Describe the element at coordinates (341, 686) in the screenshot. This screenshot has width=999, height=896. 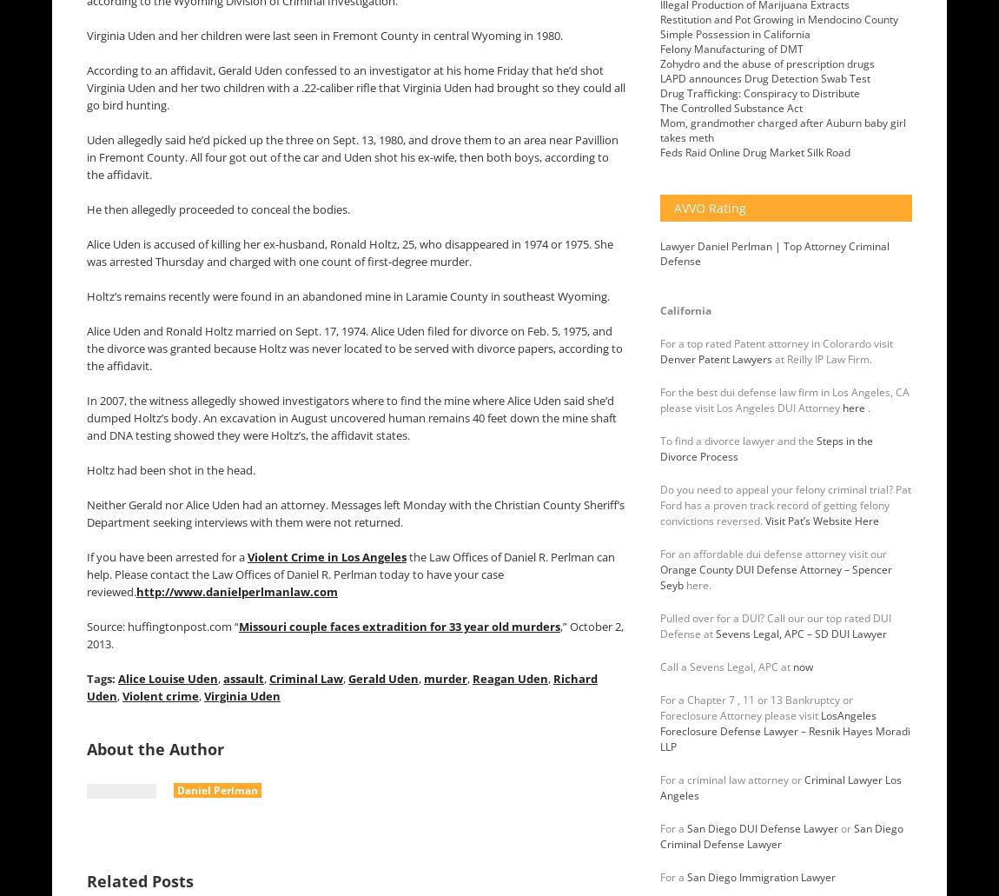
I see `'Richard Uden'` at that location.